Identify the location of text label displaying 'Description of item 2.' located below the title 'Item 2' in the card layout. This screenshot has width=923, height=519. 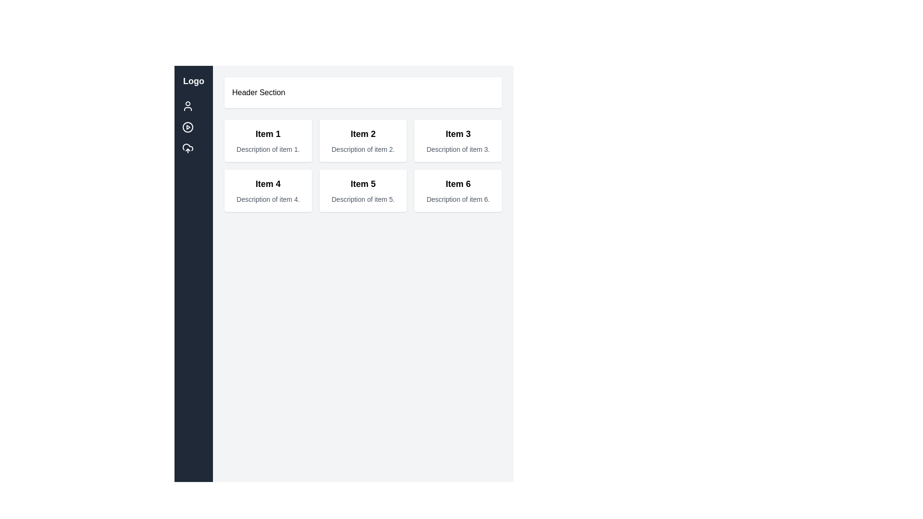
(362, 149).